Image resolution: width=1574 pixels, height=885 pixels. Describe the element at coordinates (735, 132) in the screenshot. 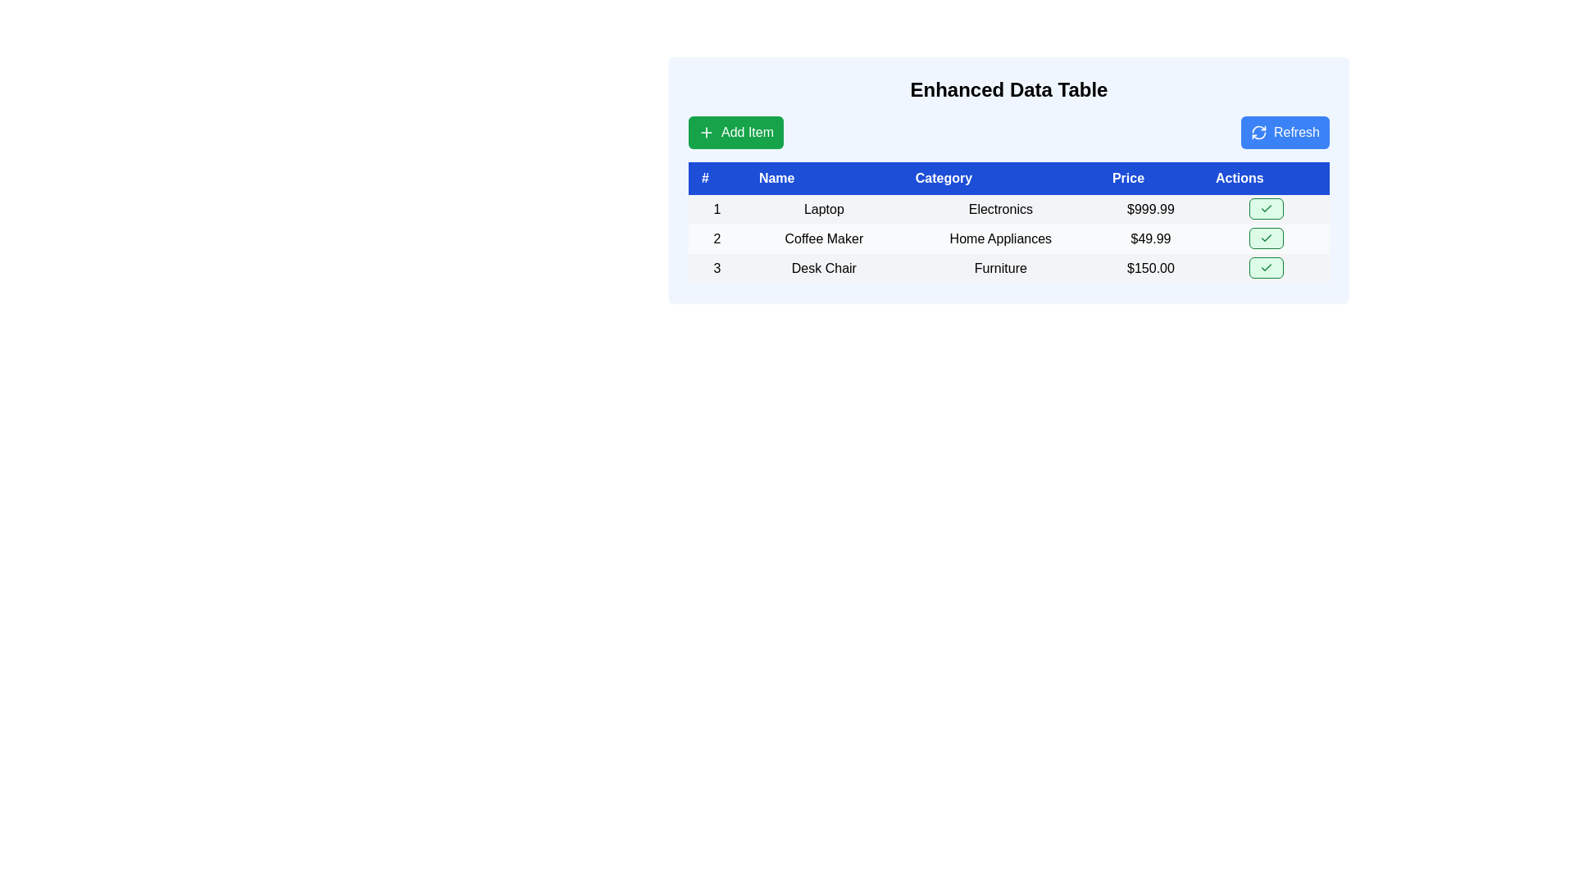

I see `the 'Add New Item' button located in the upper-left section of the interface` at that location.